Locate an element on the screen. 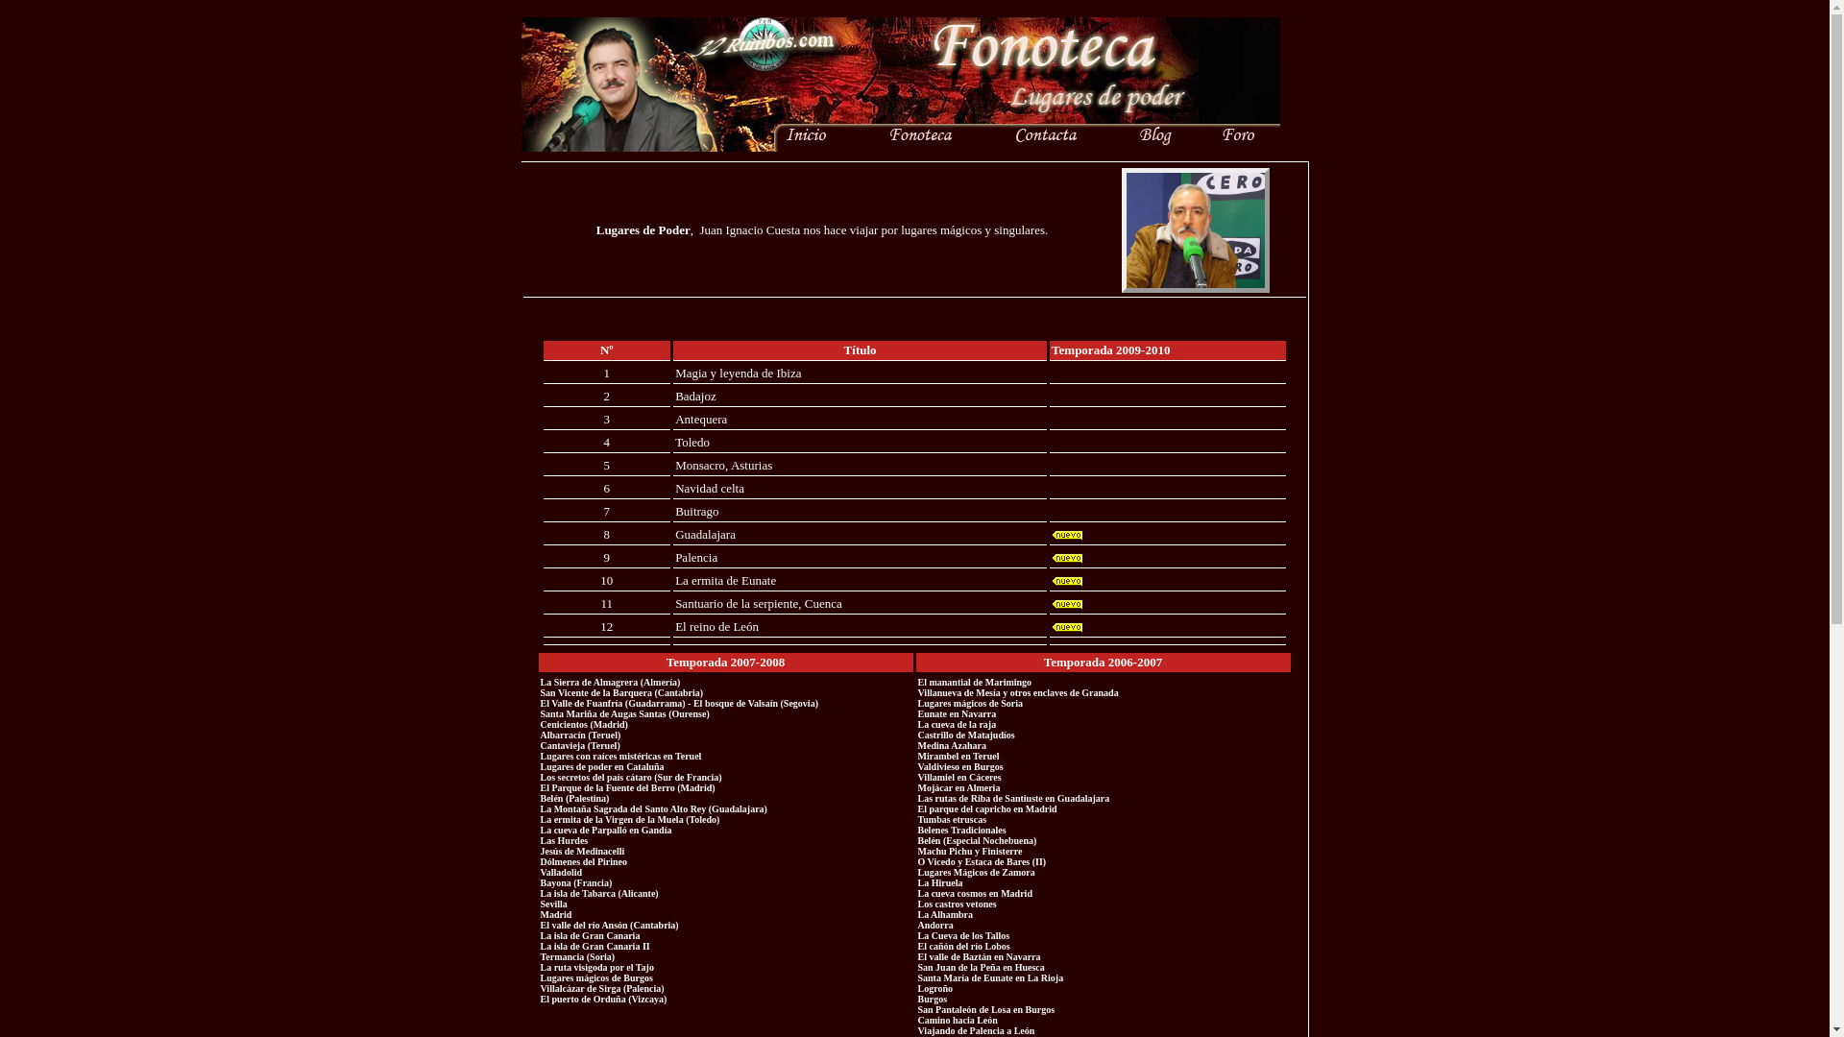 The height and width of the screenshot is (1037, 1844). 'O Vicedo y Estaca de Bares (II)' is located at coordinates (982, 860).